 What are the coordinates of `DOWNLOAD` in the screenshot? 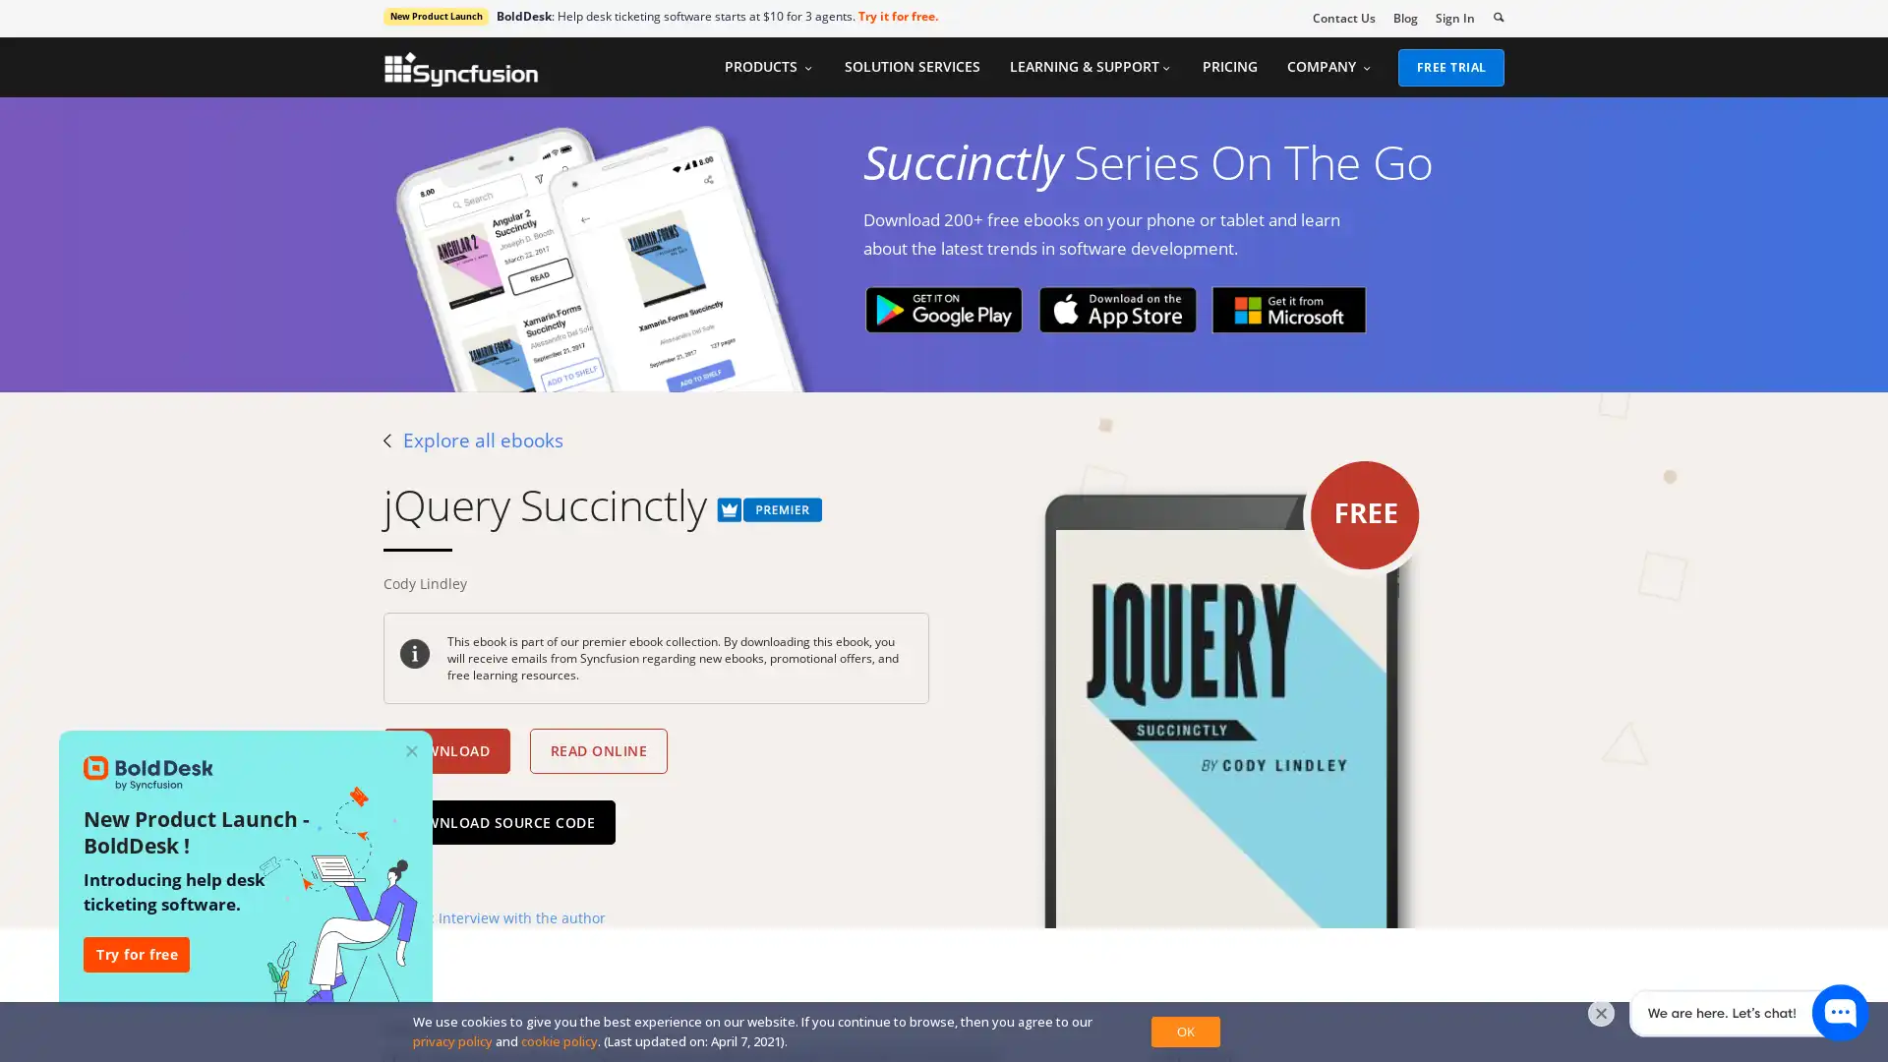 It's located at (445, 750).